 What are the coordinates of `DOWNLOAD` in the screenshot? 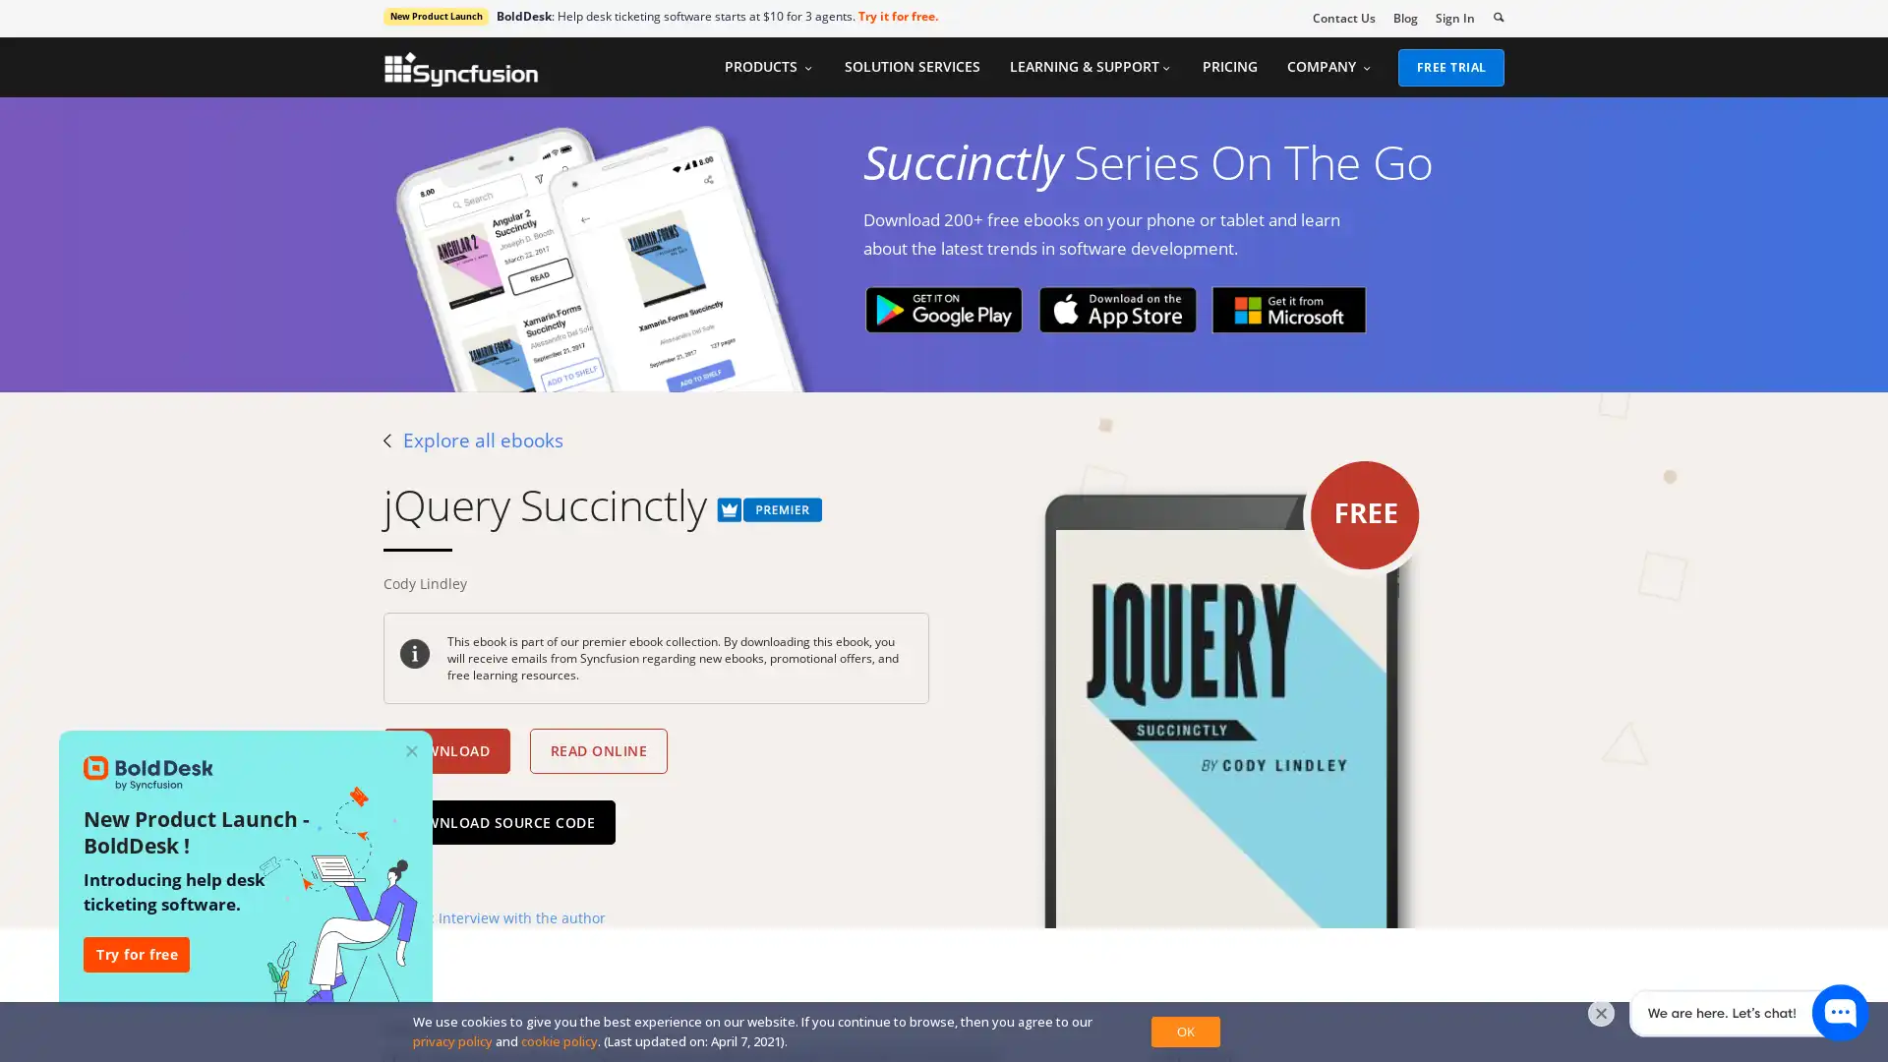 It's located at (445, 750).